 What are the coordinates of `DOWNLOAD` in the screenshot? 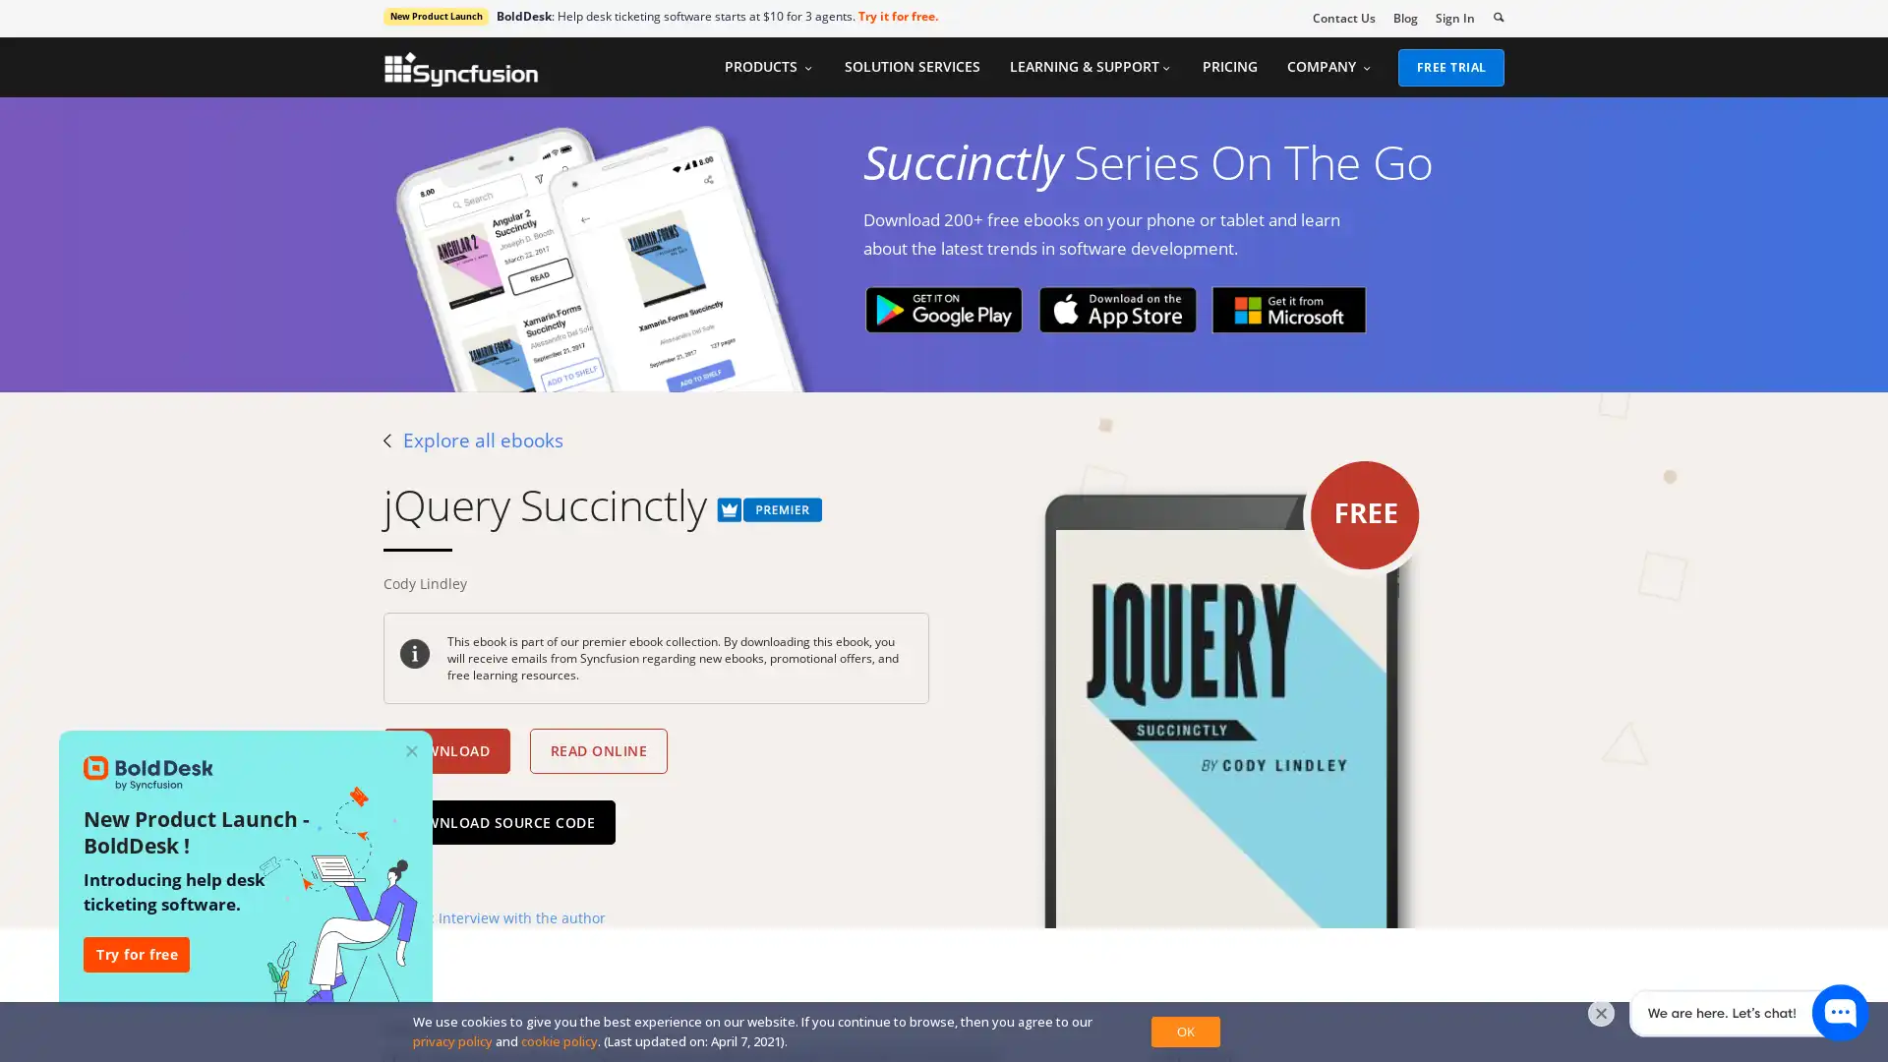 It's located at (445, 750).